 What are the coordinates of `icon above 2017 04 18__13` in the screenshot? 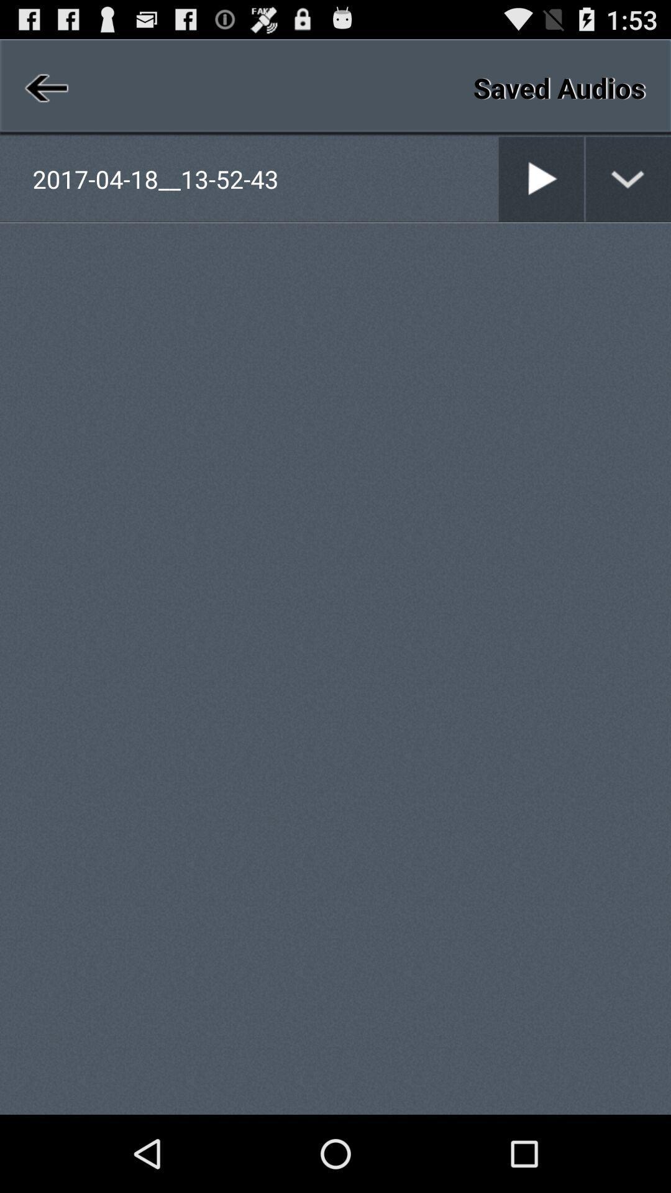 It's located at (44, 87).